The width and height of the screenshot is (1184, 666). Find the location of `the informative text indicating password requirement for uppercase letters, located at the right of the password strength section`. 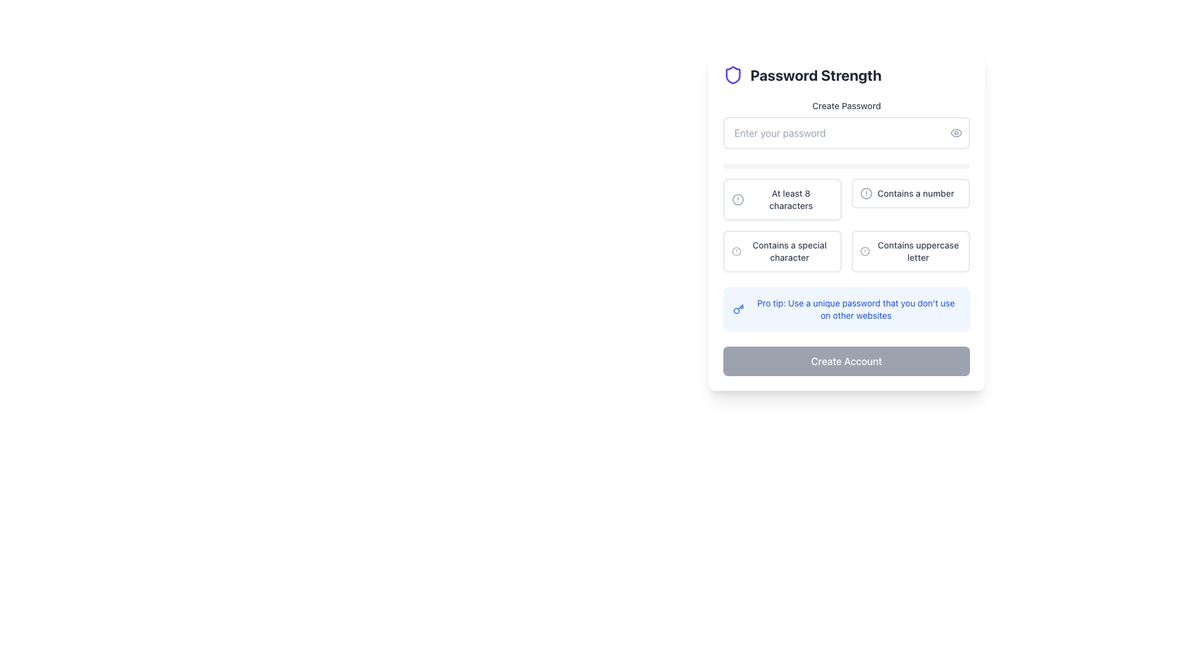

the informative text indicating password requirement for uppercase letters, located at the right of the password strength section is located at coordinates (911, 251).